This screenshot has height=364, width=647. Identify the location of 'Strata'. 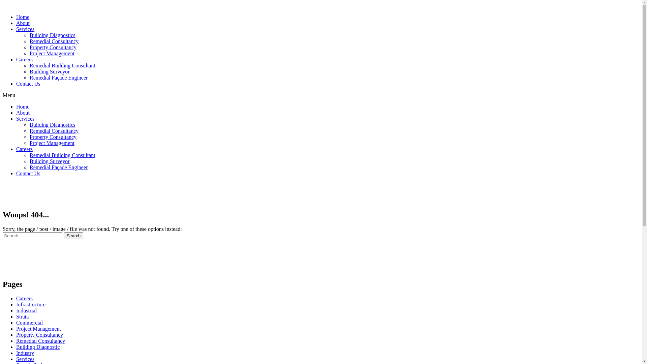
(22, 316).